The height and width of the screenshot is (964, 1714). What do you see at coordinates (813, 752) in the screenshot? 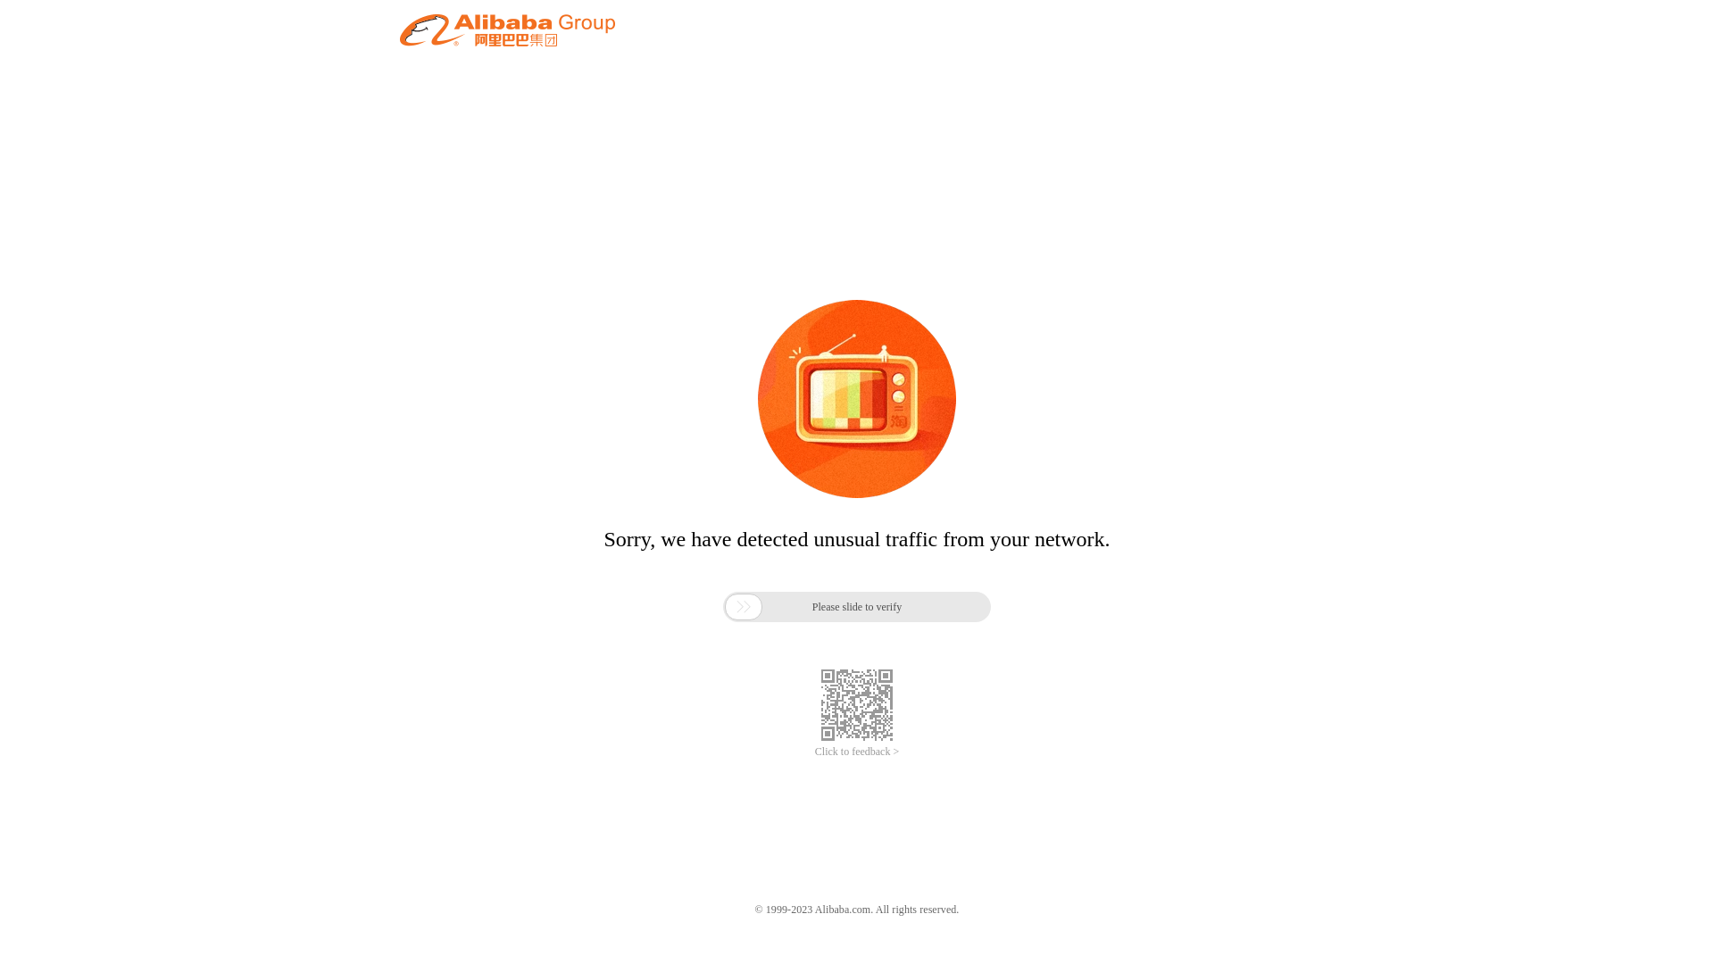
I see `'Click to feedback >'` at bounding box center [813, 752].